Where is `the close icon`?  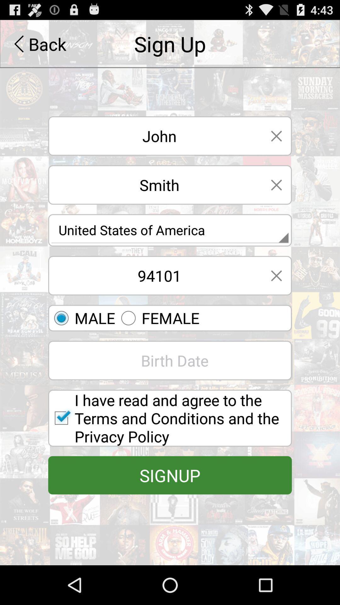
the close icon is located at coordinates (276, 145).